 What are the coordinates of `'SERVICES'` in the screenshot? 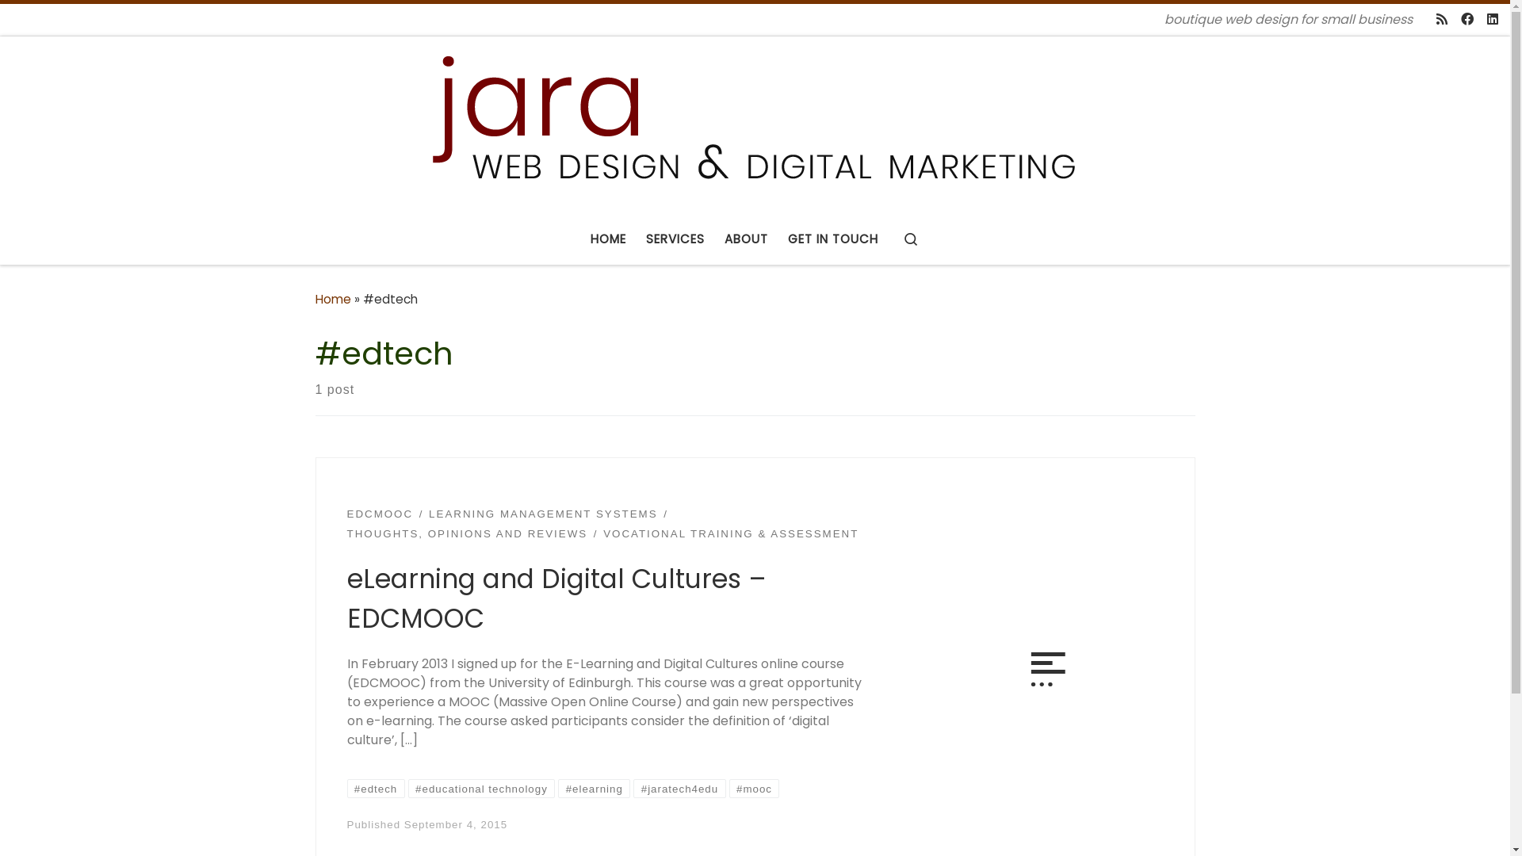 It's located at (675, 239).